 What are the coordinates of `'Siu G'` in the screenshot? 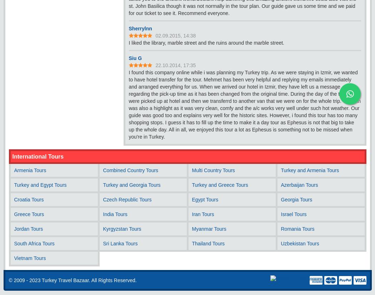 It's located at (135, 57).